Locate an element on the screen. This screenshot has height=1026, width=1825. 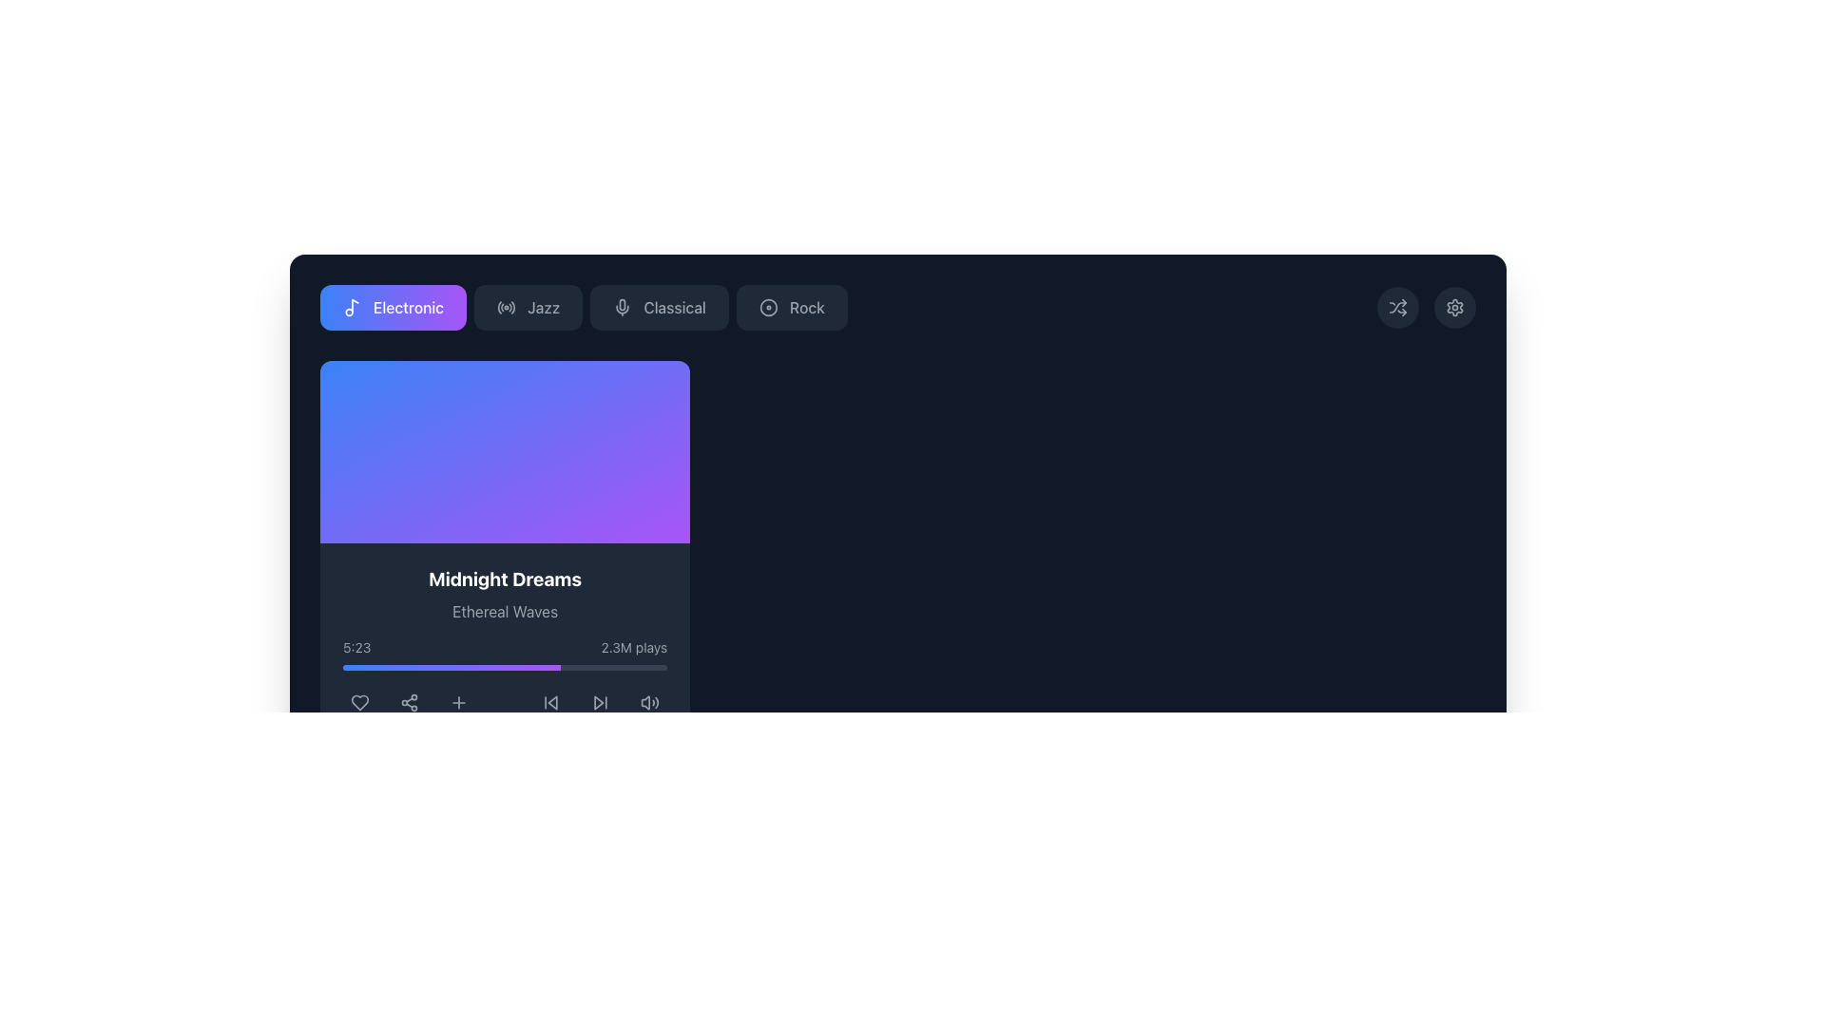
the text label displaying the duration of the music track is located at coordinates (356, 647).